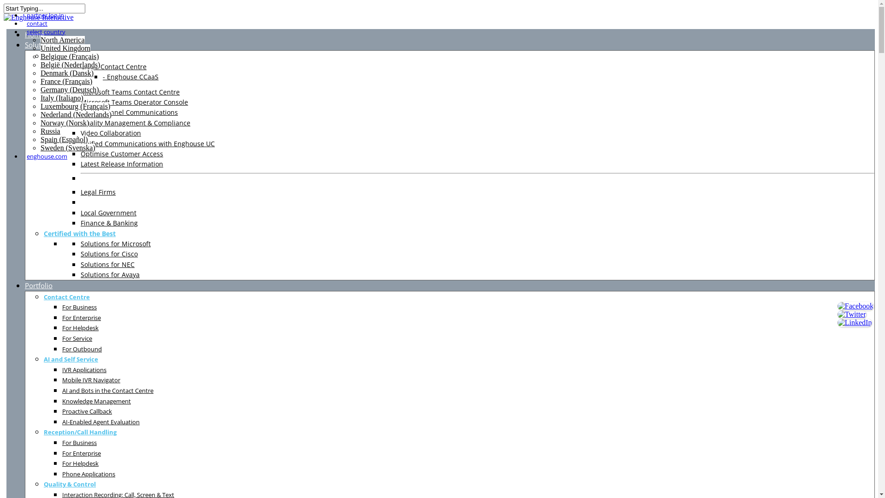 This screenshot has height=498, width=885. I want to click on 'Legal Firms', so click(98, 191).